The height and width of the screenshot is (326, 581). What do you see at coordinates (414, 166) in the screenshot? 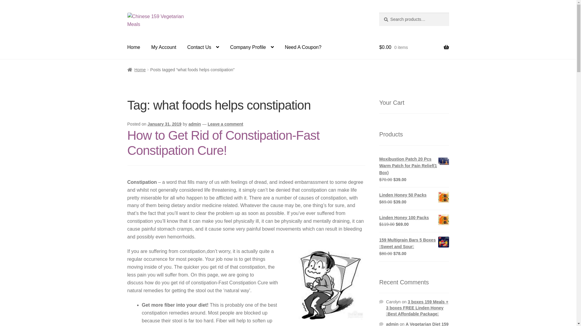
I see `'Moxibustion Patch 20 Pcs Warm Patch for Pain Relief(1 Box)'` at bounding box center [414, 166].